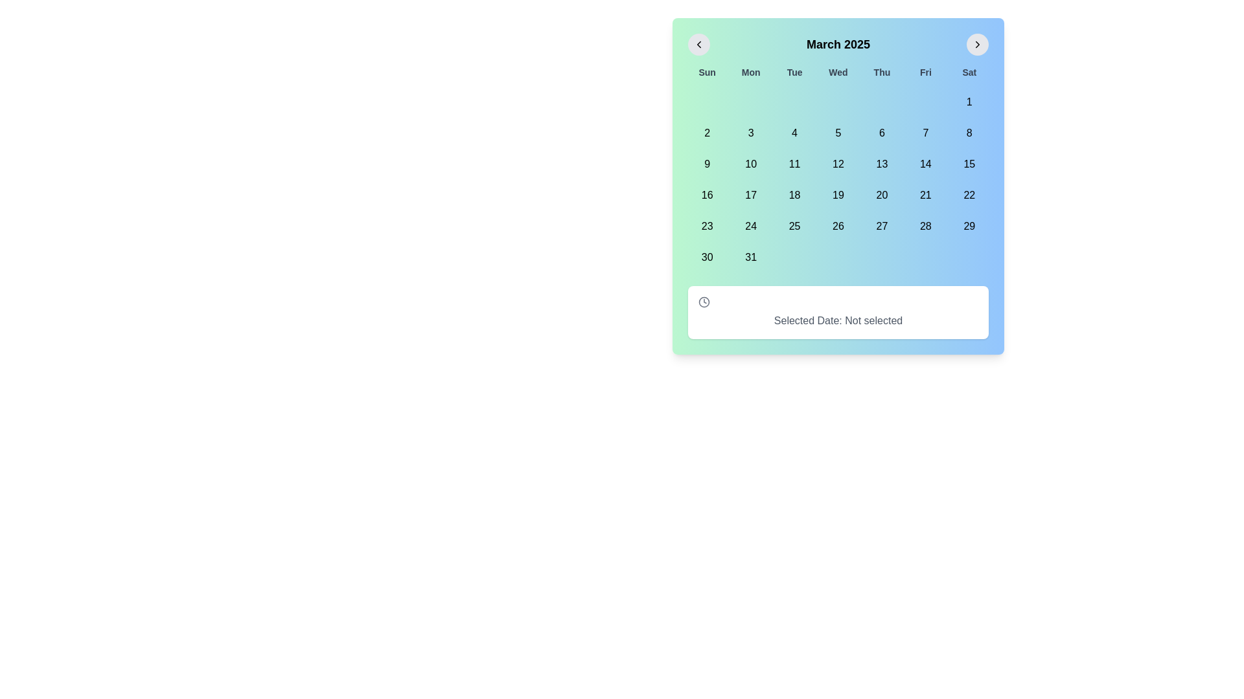 The width and height of the screenshot is (1244, 699). What do you see at coordinates (838, 44) in the screenshot?
I see `the static text element that displays the currently selected month and year in the calendar view, located at the top of the calendar interface, between two arrow icons` at bounding box center [838, 44].